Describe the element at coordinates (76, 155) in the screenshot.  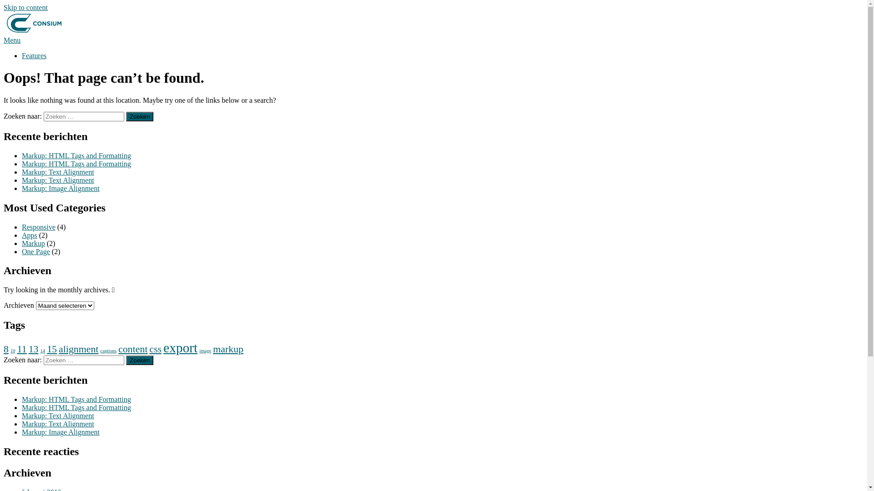
I see `'Markup: HTML Tags and Formatting'` at that location.